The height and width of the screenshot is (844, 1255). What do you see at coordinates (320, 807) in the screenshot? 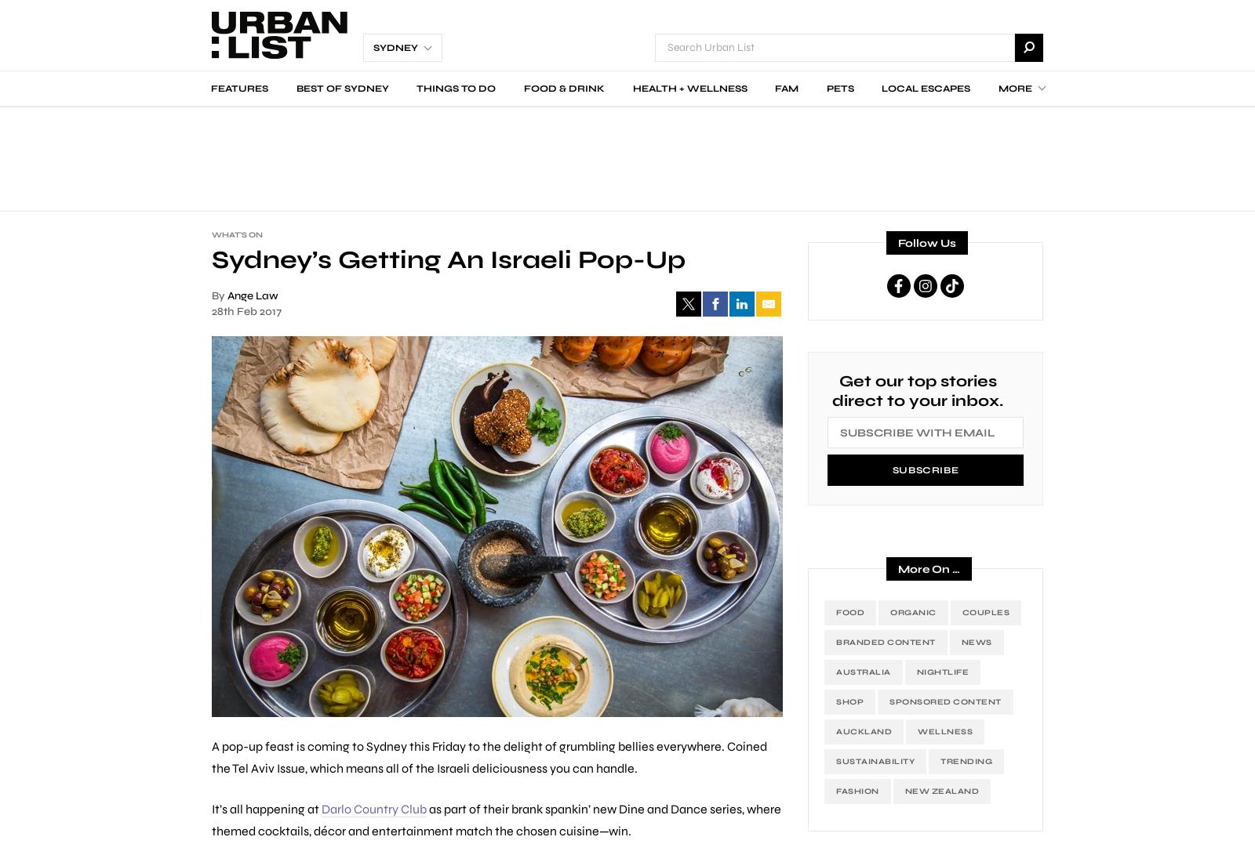
I see `'Darlo Country Club'` at bounding box center [320, 807].